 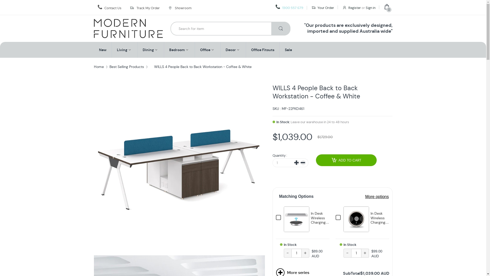 What do you see at coordinates (148, 8) in the screenshot?
I see `'Track My Order'` at bounding box center [148, 8].